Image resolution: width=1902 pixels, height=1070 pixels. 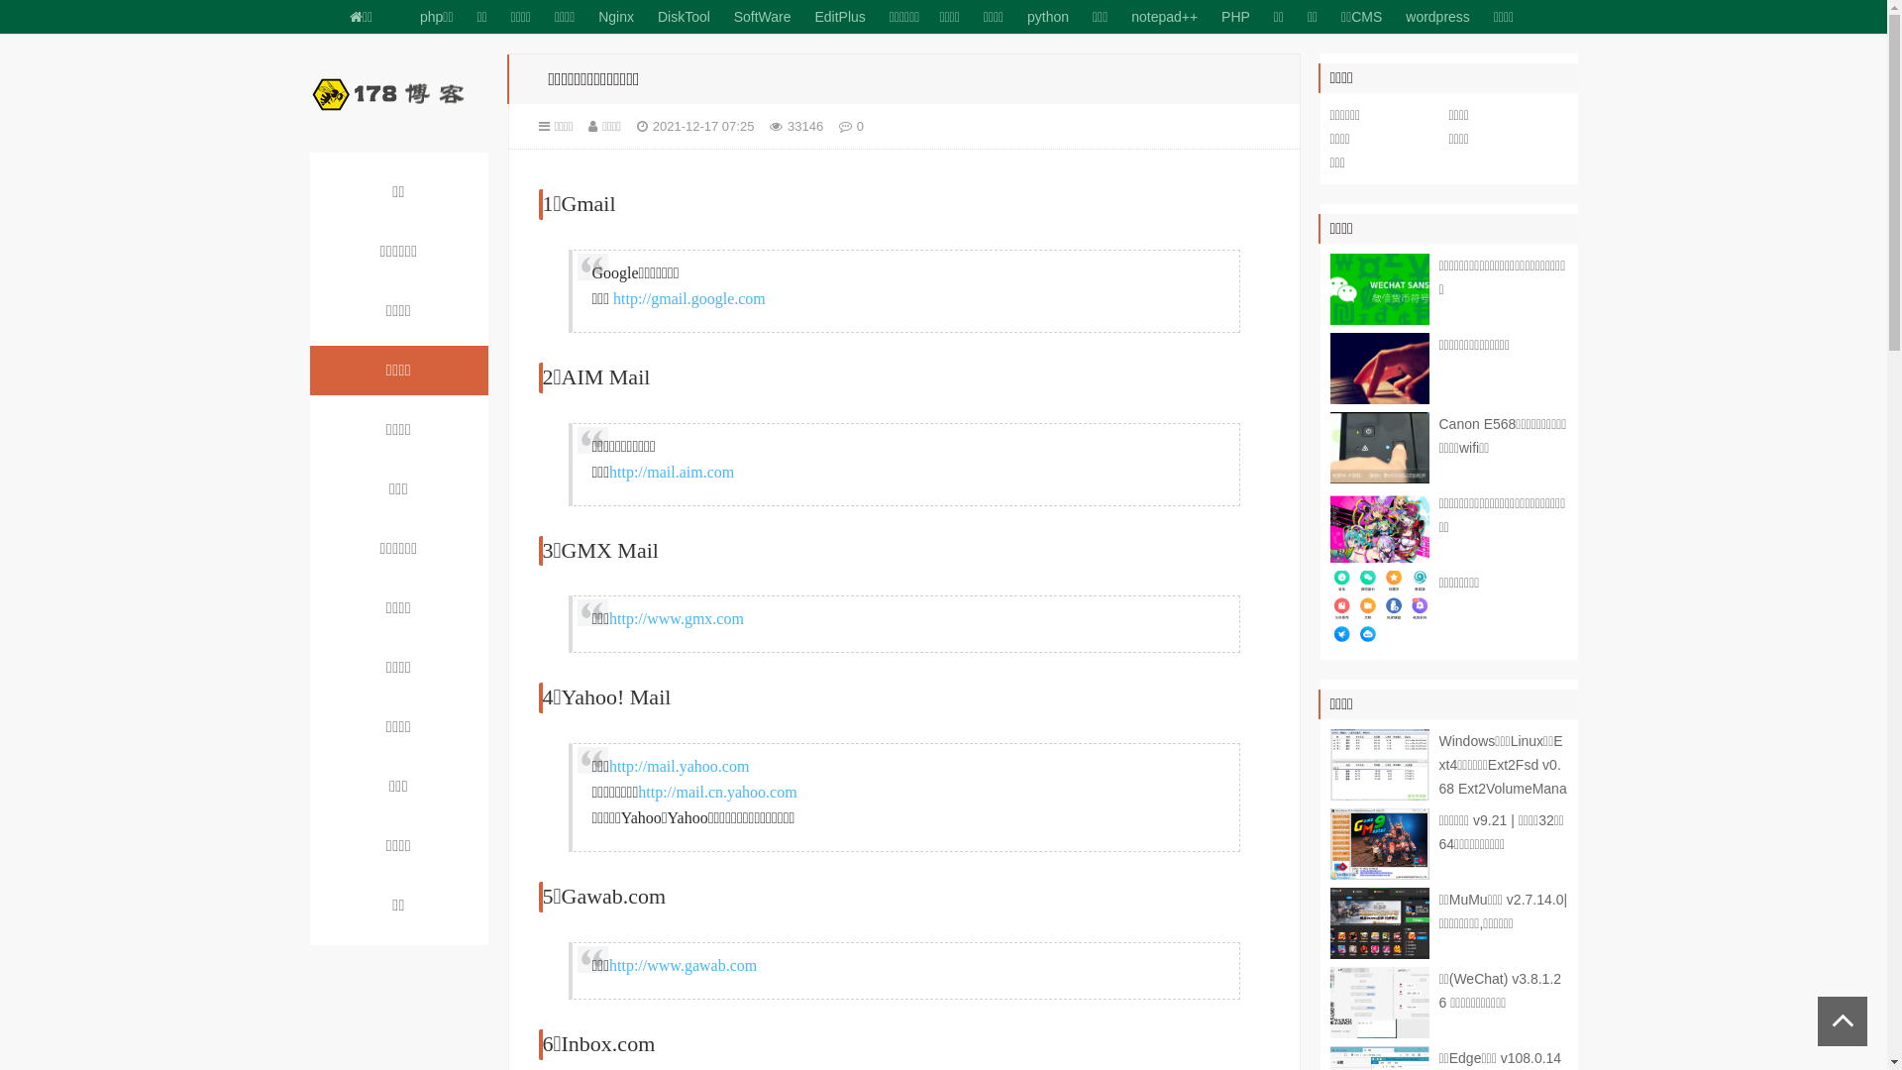 I want to click on 'http://mail.cn.yahoo.com', so click(x=716, y=791).